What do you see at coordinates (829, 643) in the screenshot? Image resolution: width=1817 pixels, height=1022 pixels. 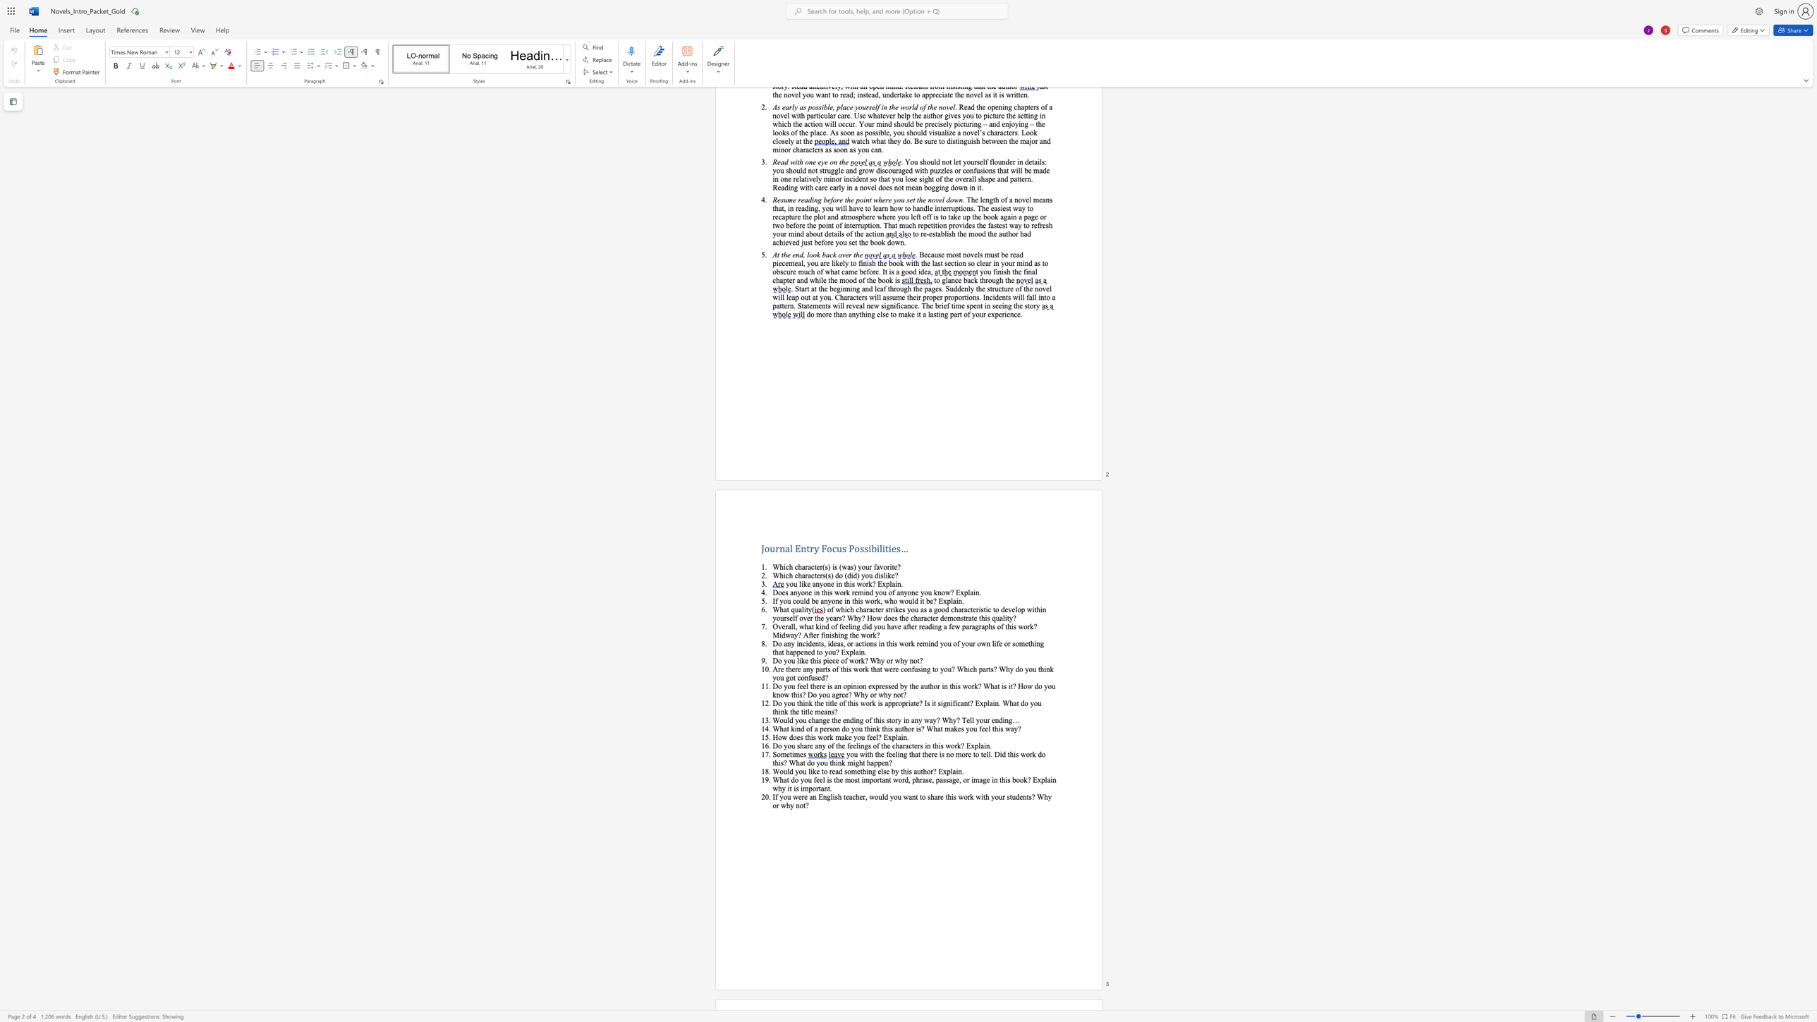 I see `the subset text "deas, or actions in this work remind you of your own life or something that happe" within the text "Do any incidents, ideas, or actions in this work remind you of your own life or something that happened to you? Explain."` at bounding box center [829, 643].